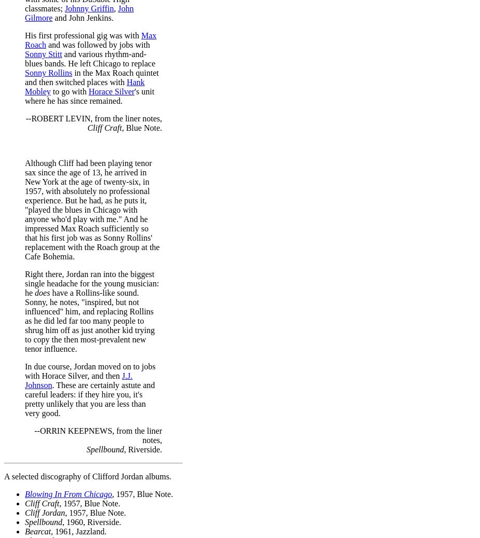 This screenshot has height=538, width=480. Describe the element at coordinates (48, 72) in the screenshot. I see `'Sonny Rollins'` at that location.